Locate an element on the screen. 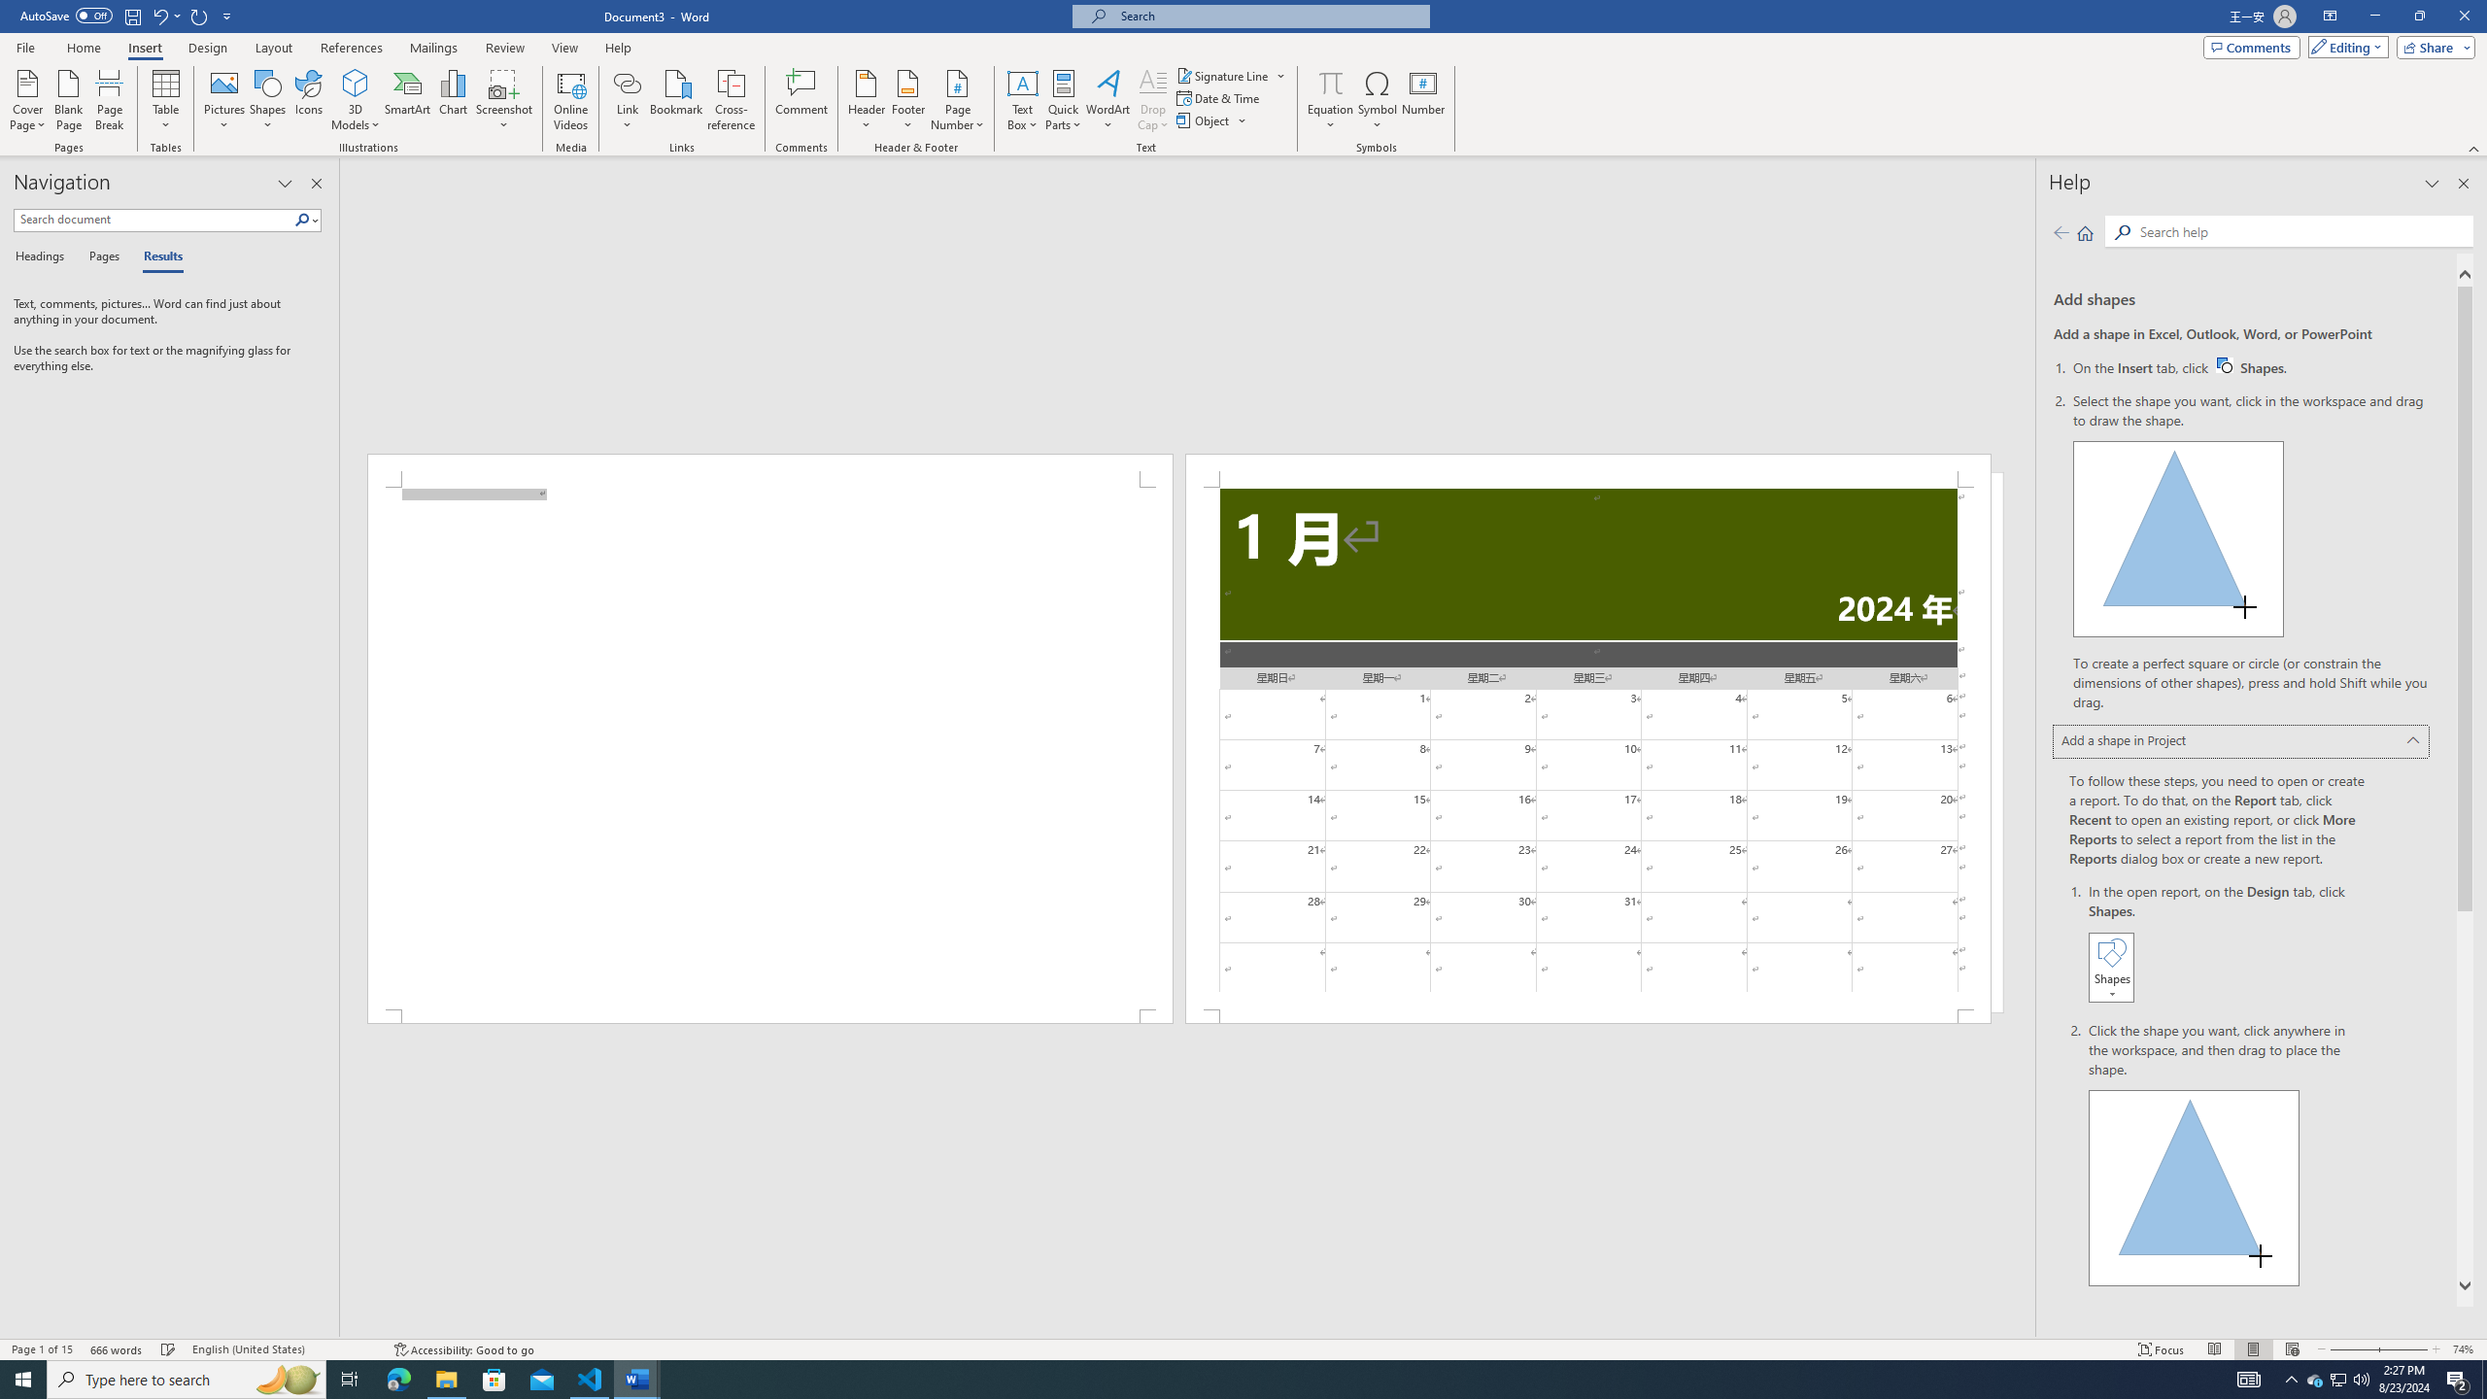 This screenshot has height=1399, width=2487. 'Date & Time...' is located at coordinates (1219, 96).